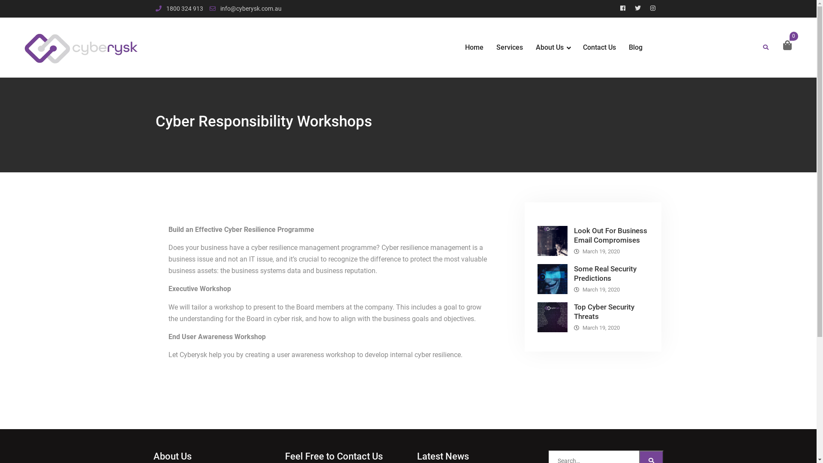  I want to click on 'info@cyberysk.com.au', so click(250, 9).